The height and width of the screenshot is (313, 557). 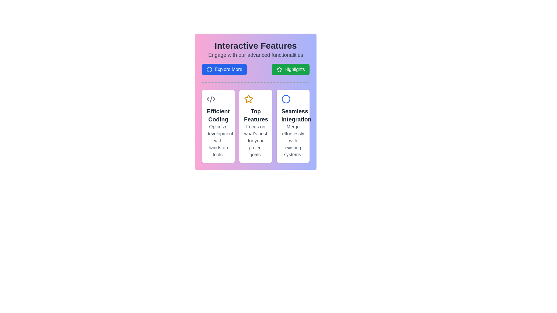 What do you see at coordinates (249, 99) in the screenshot?
I see `the star icon that represents the 'Top Features' section, located at the top-center of the section, directly above the text label 'Top Features'` at bounding box center [249, 99].